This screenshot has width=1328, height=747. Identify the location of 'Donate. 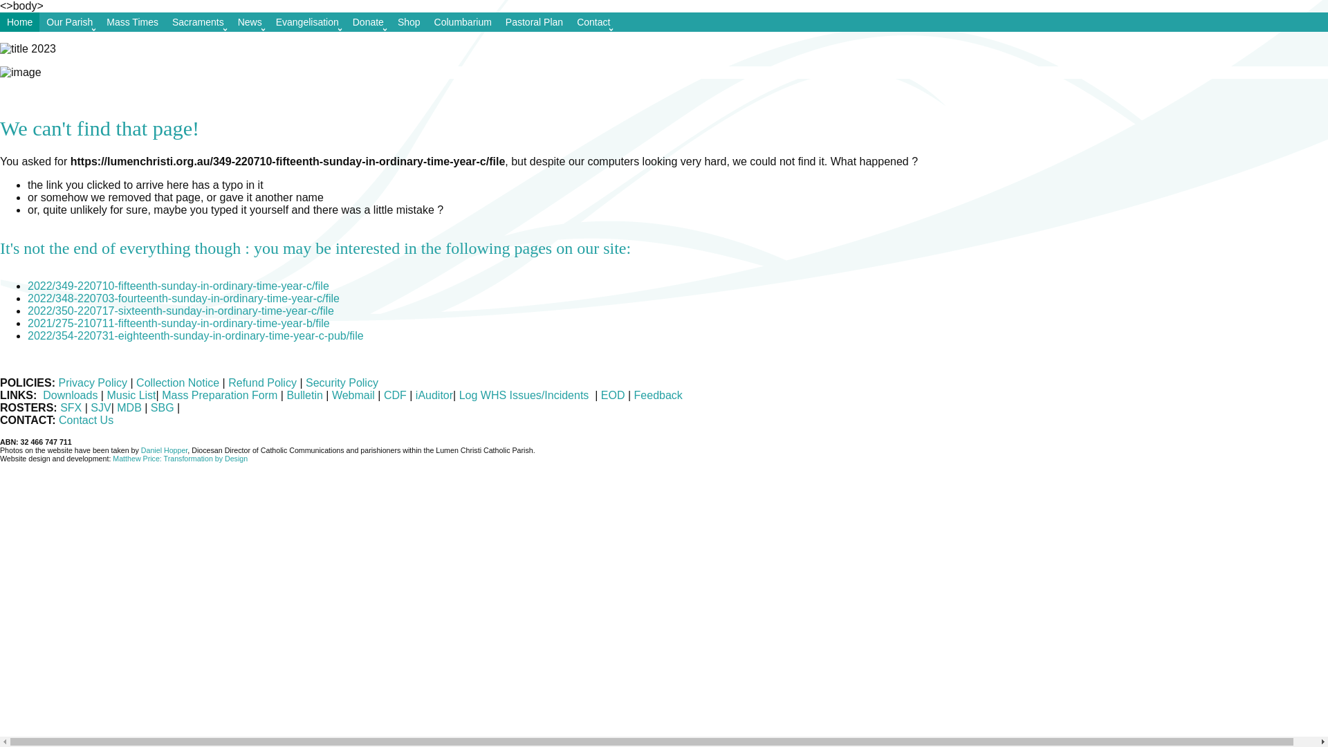
(368, 21).